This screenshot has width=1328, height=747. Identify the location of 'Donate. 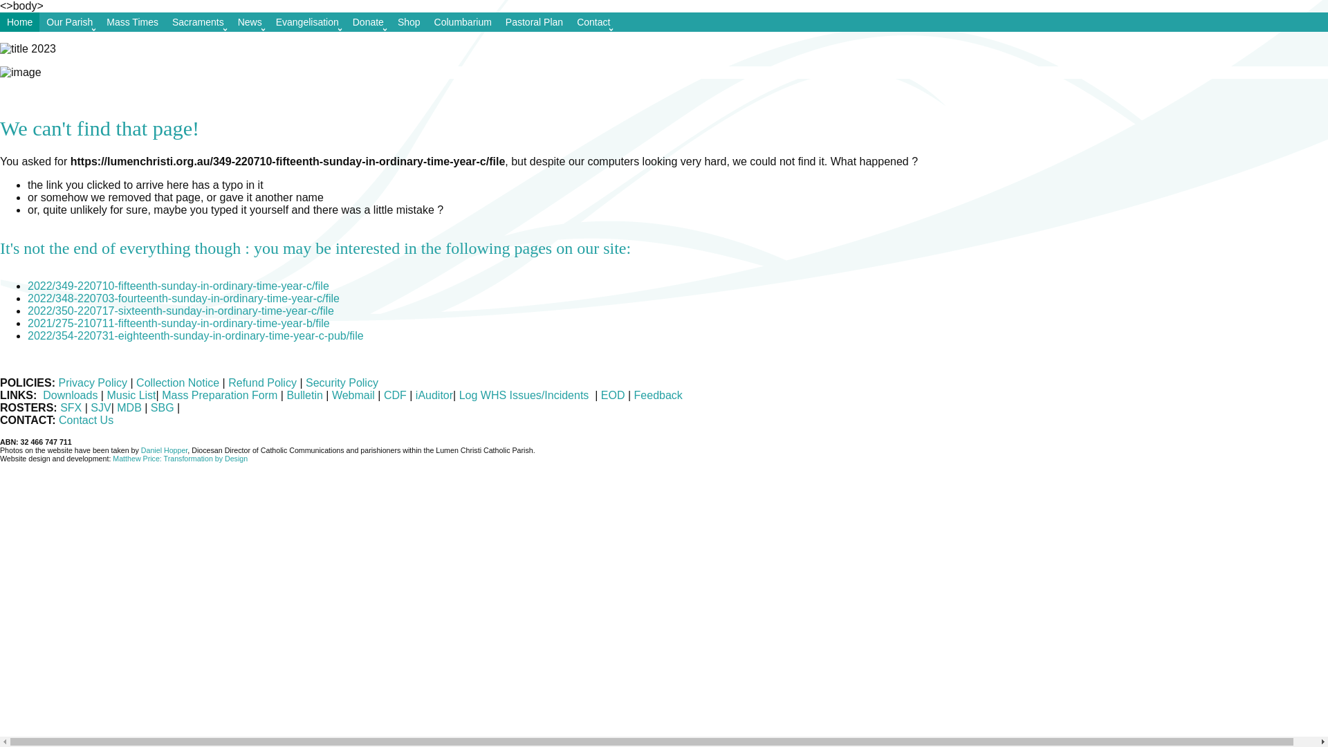
(368, 21).